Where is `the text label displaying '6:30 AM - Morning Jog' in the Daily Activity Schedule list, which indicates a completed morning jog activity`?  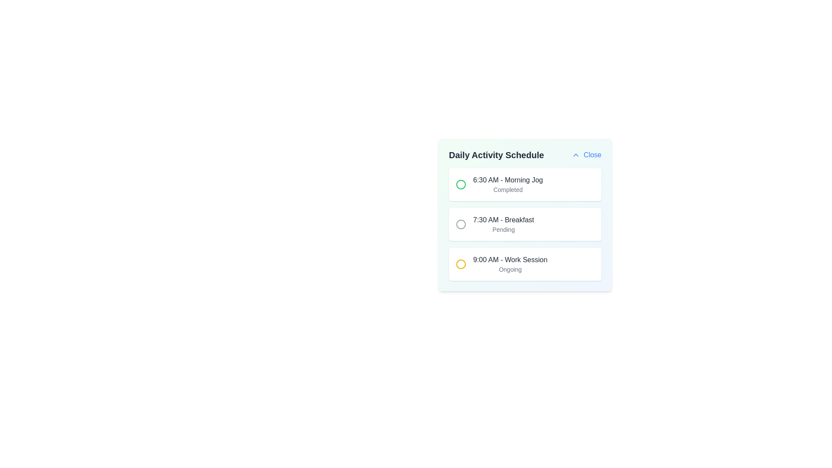 the text label displaying '6:30 AM - Morning Jog' in the Daily Activity Schedule list, which indicates a completed morning jog activity is located at coordinates (508, 184).